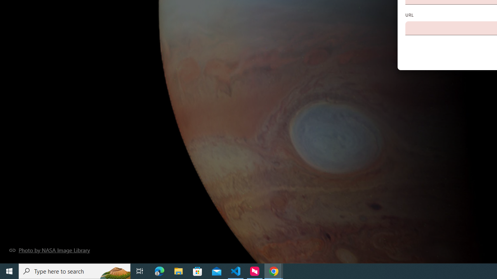  What do you see at coordinates (9, 270) in the screenshot?
I see `'Start'` at bounding box center [9, 270].